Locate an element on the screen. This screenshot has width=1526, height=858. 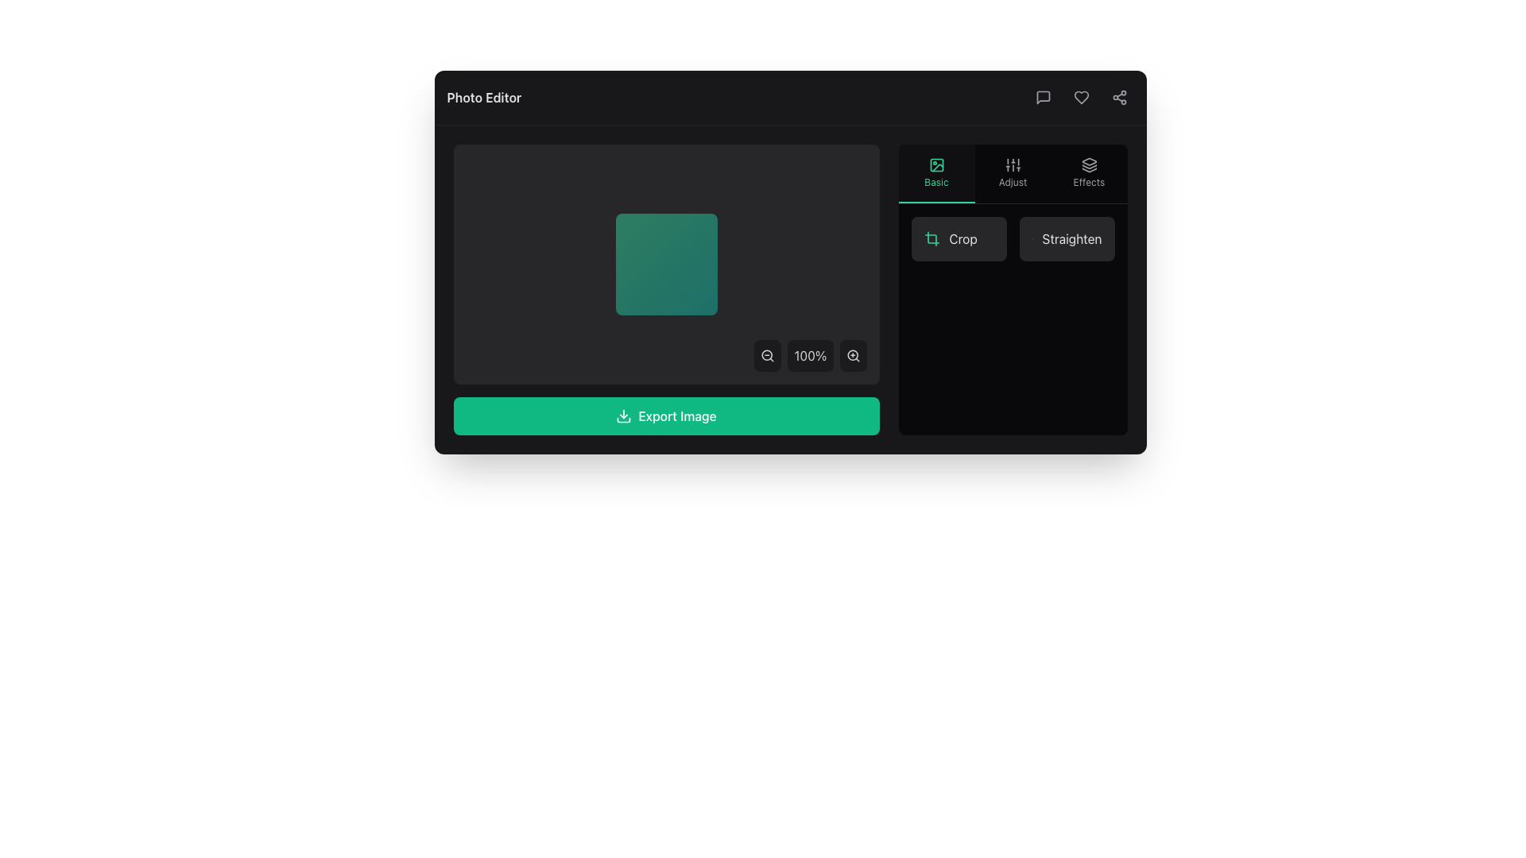
the SVG icon representing an image located at the top-center of the 'Basic' section in the right sidebar, above the text label 'Basic' is located at coordinates (936, 165).